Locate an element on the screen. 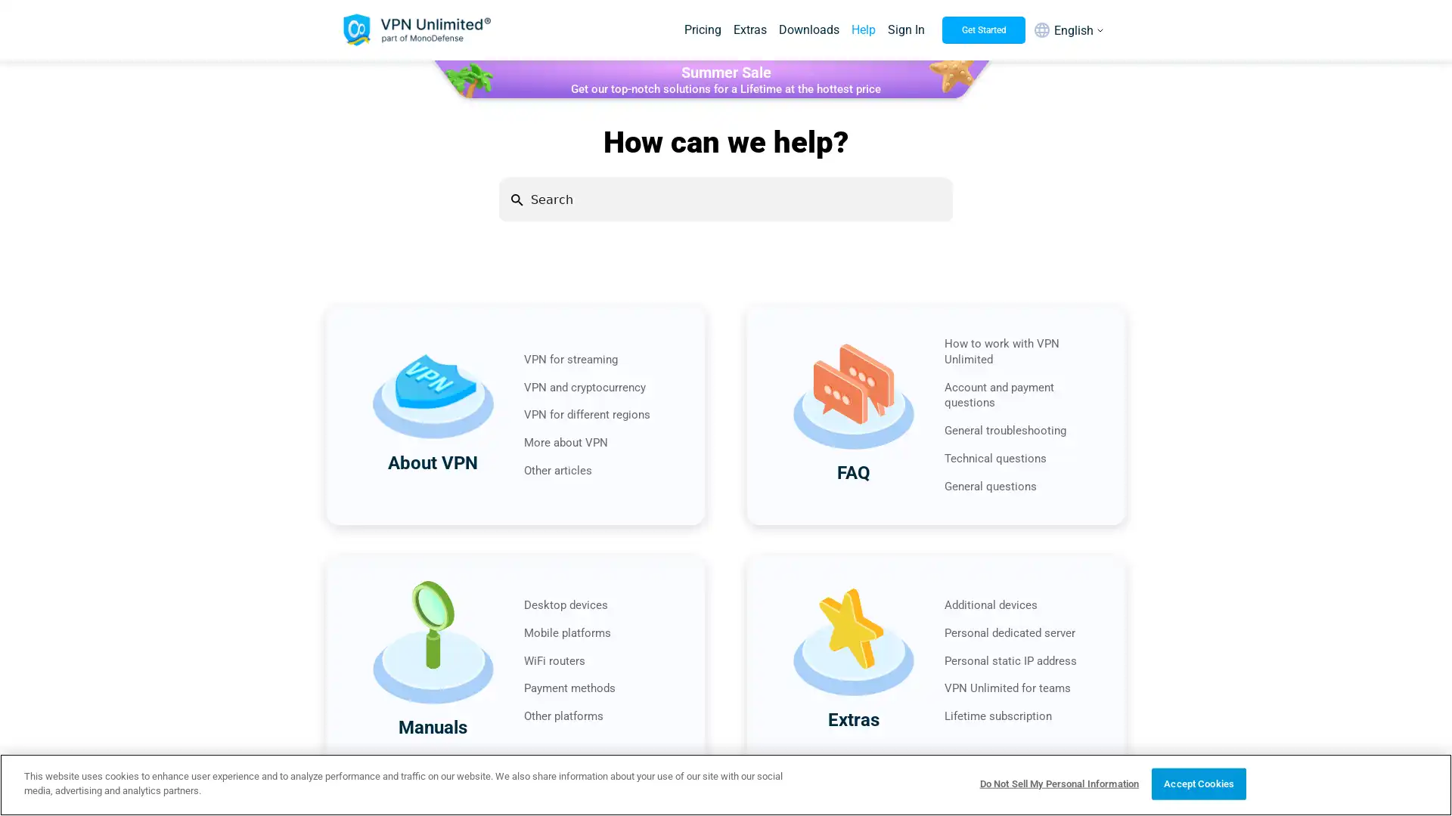 The width and height of the screenshot is (1452, 816). Do Not Sell My Personal Information is located at coordinates (1058, 783).